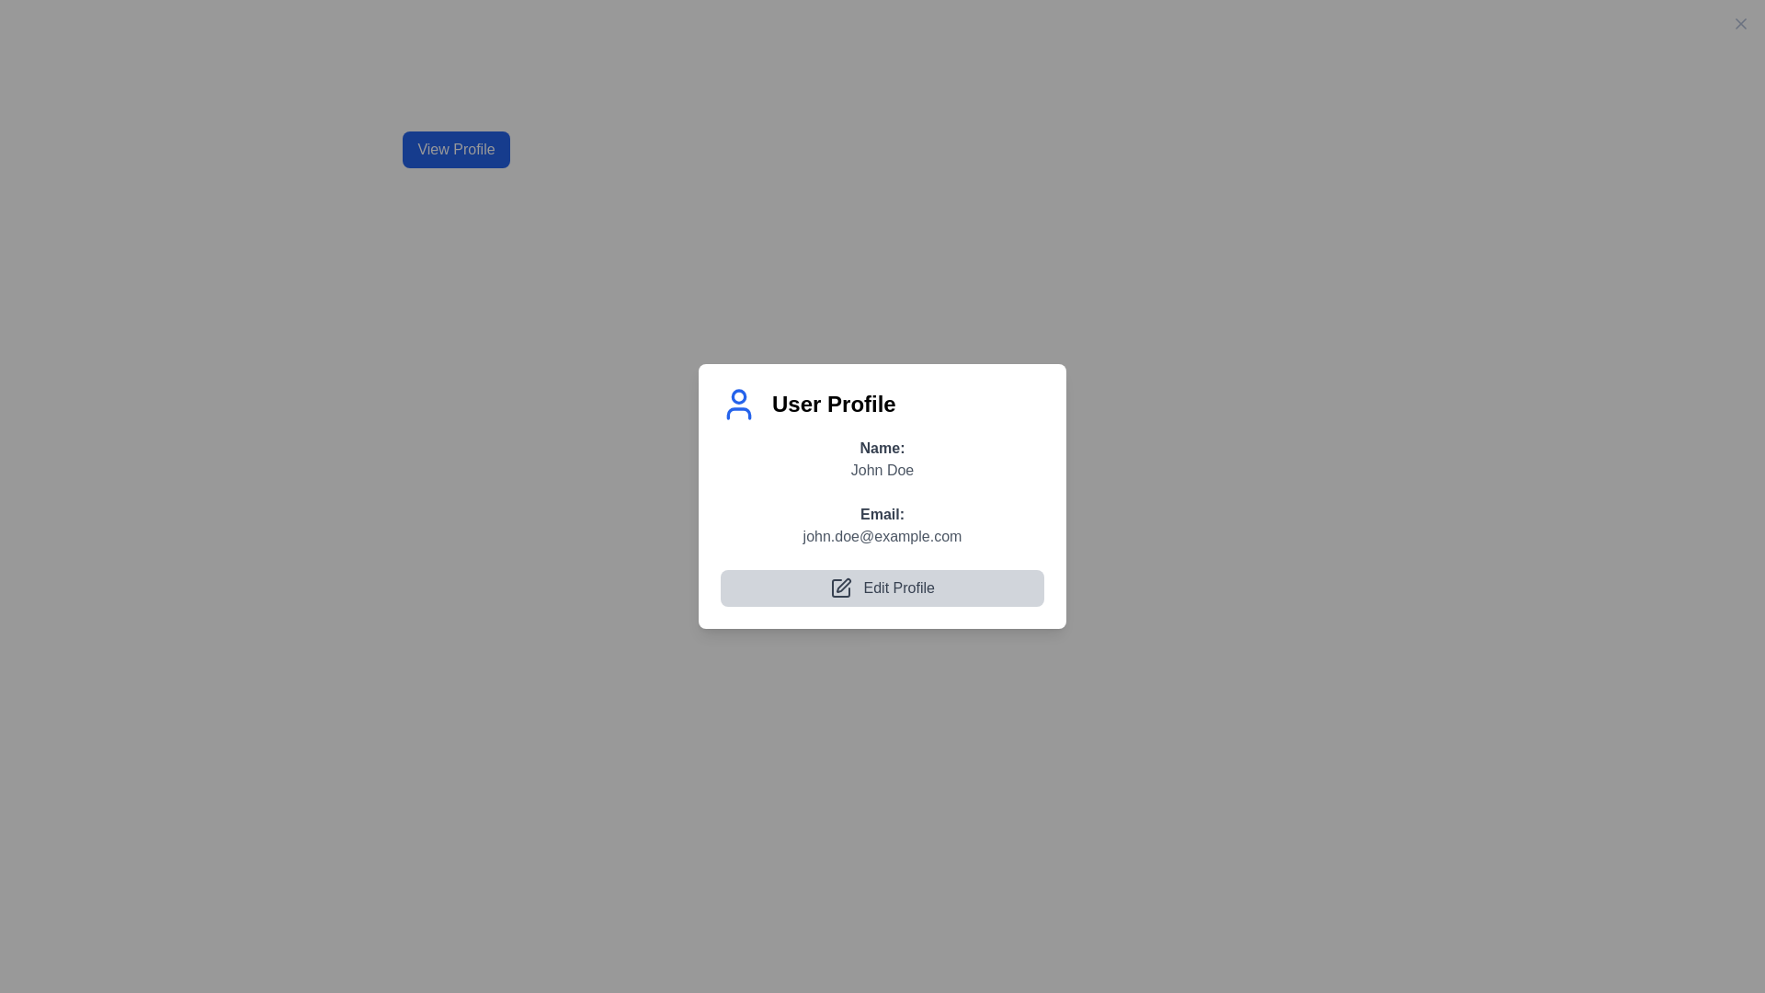 The height and width of the screenshot is (993, 1765). What do you see at coordinates (882, 535) in the screenshot?
I see `the label displaying the user's email address within the 'User Profile' card, located below the 'Email:' label` at bounding box center [882, 535].